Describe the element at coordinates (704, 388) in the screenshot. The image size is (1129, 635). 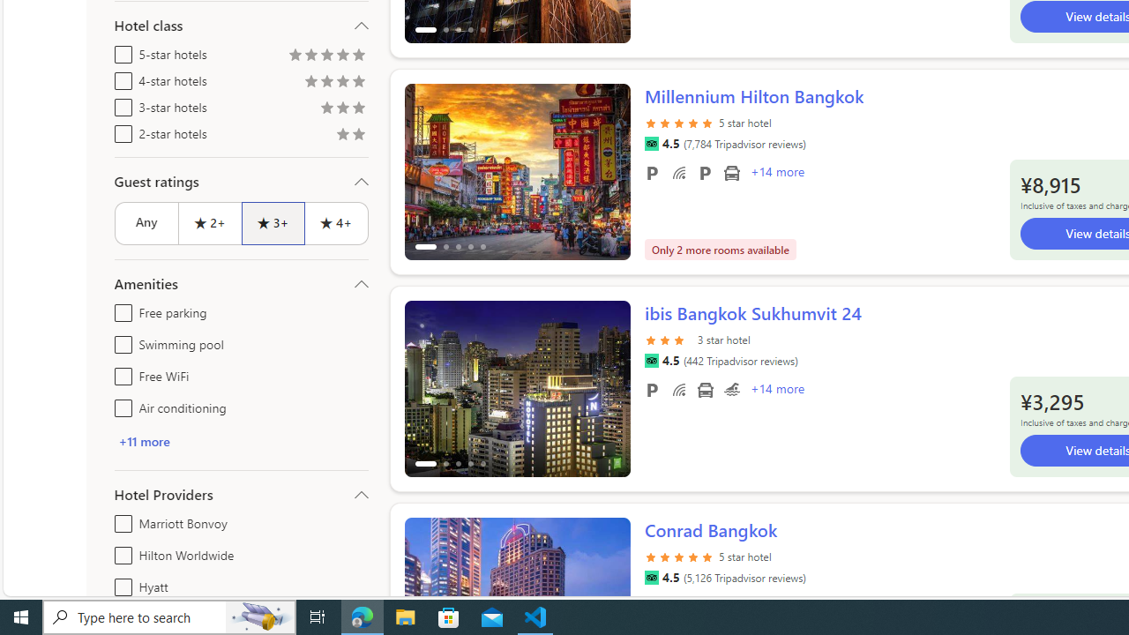
I see `'Airport transportation'` at that location.